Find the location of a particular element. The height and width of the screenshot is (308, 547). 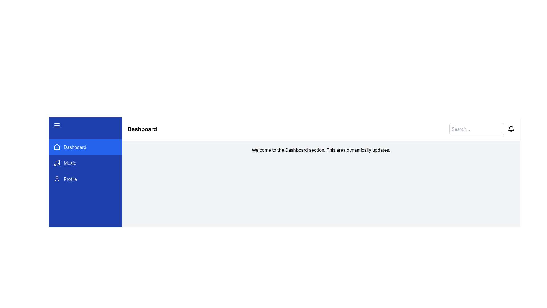

the 'Dashboard' navigation button located at the top of the sidebar menu to trigger the visual hover effect is located at coordinates (85, 147).